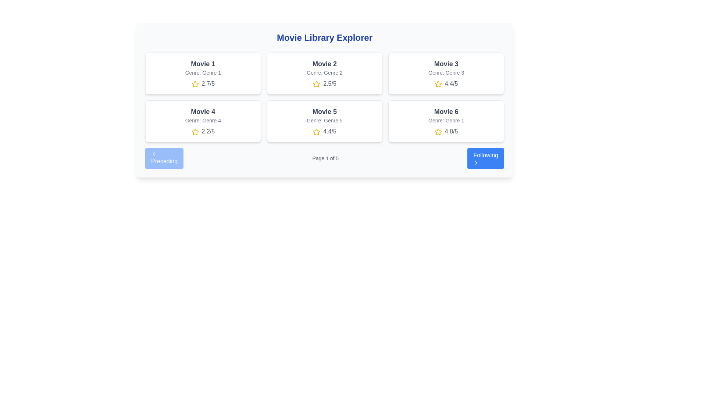  Describe the element at coordinates (195, 83) in the screenshot. I see `the first star-shaped yellow icon located below the 'Movie 1' title and to the left of the numerical rating '2.7/5' in the leftmost card of the top row` at that location.